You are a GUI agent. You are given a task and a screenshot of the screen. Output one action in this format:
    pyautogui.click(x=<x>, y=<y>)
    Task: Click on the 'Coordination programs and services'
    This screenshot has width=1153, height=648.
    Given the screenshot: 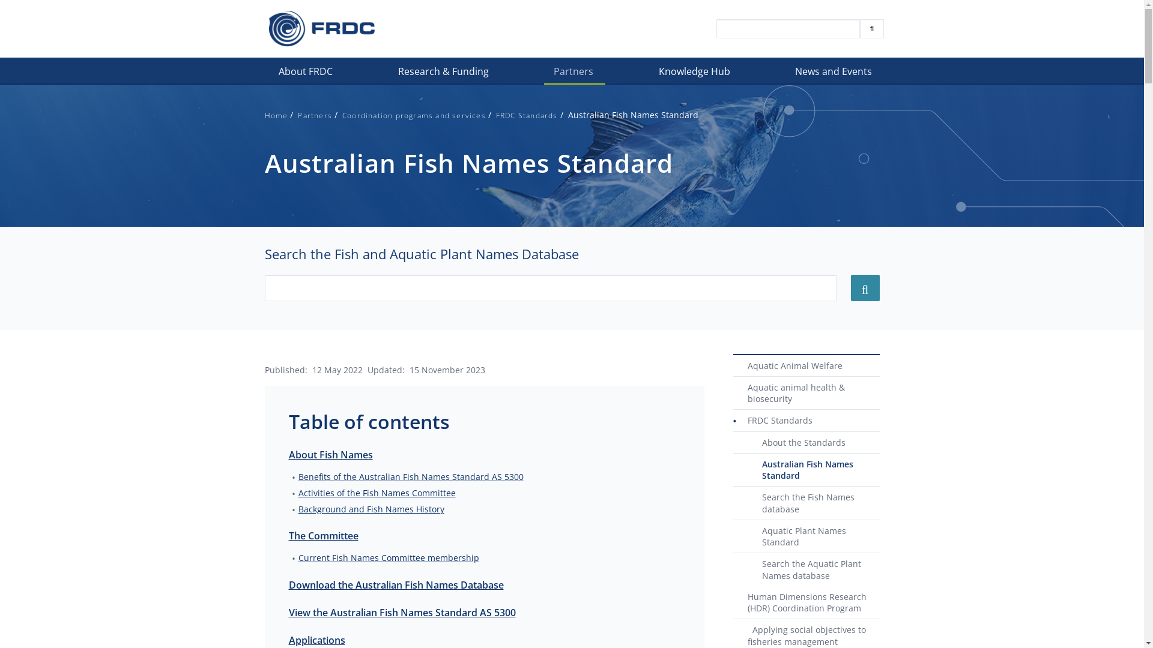 What is the action you would take?
    pyautogui.click(x=414, y=115)
    